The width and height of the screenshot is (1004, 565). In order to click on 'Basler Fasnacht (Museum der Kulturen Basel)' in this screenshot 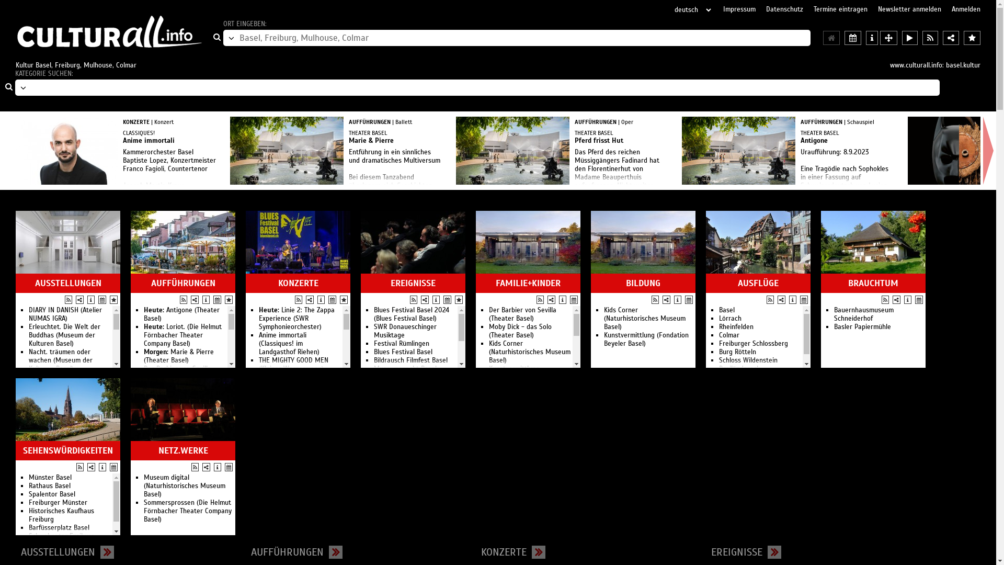, I will do `click(66, 381)`.